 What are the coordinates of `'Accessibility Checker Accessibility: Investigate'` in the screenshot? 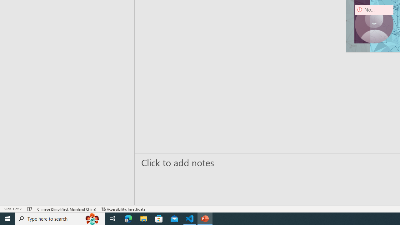 It's located at (123, 209).